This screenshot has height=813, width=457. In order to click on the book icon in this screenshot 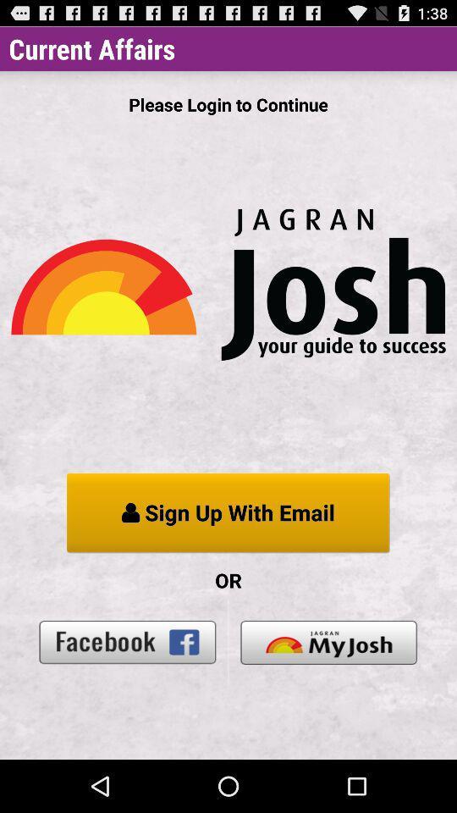, I will do `click(328, 687)`.